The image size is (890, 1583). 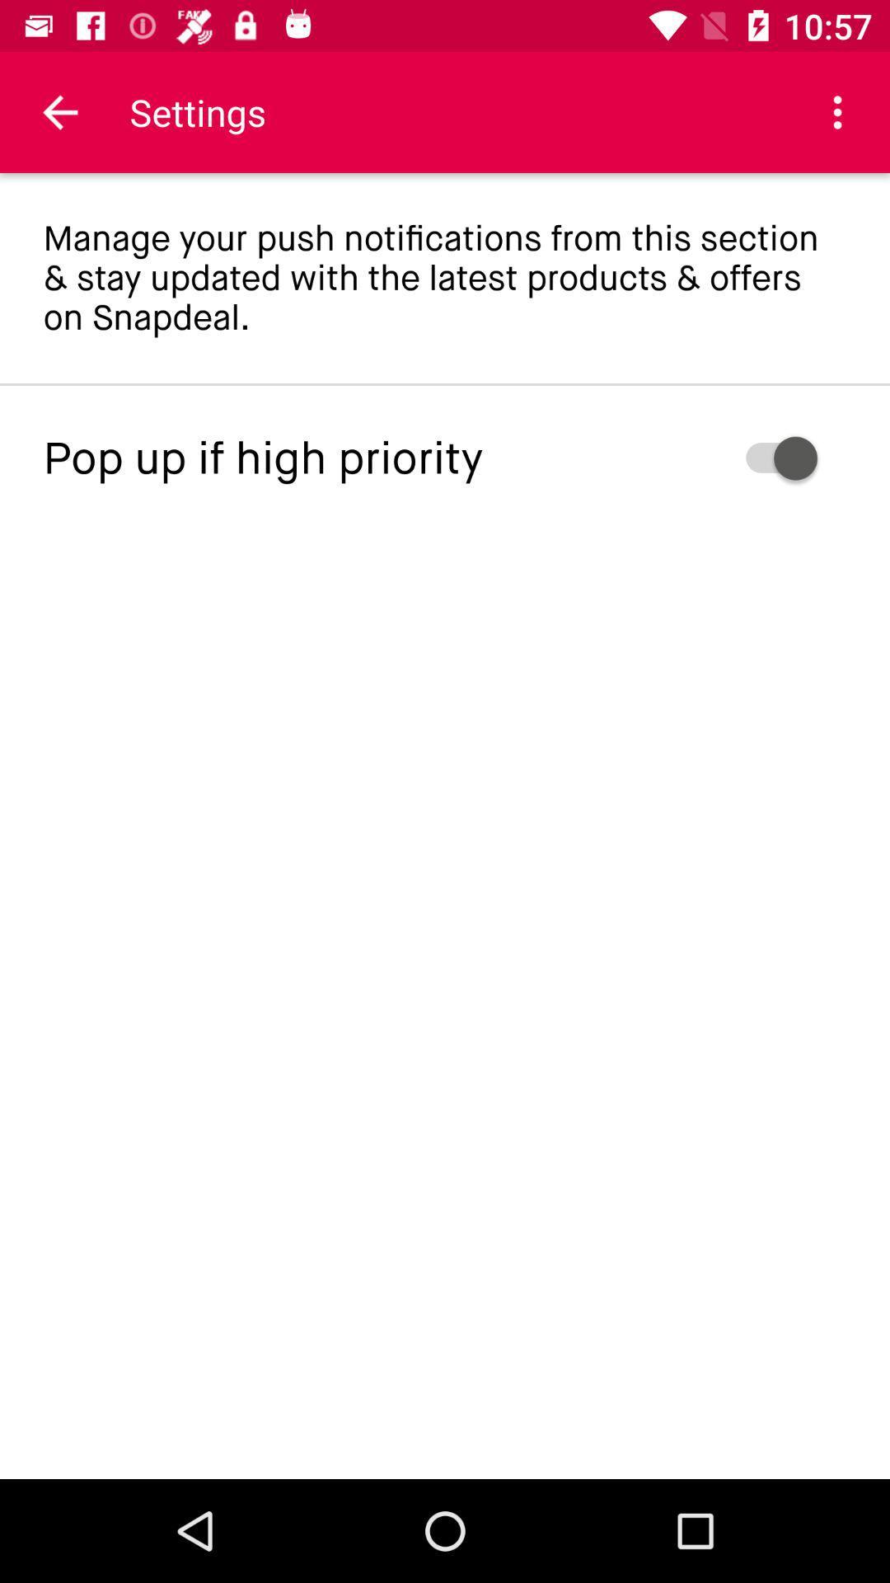 What do you see at coordinates (727, 458) in the screenshot?
I see `icon next to pop up if icon` at bounding box center [727, 458].